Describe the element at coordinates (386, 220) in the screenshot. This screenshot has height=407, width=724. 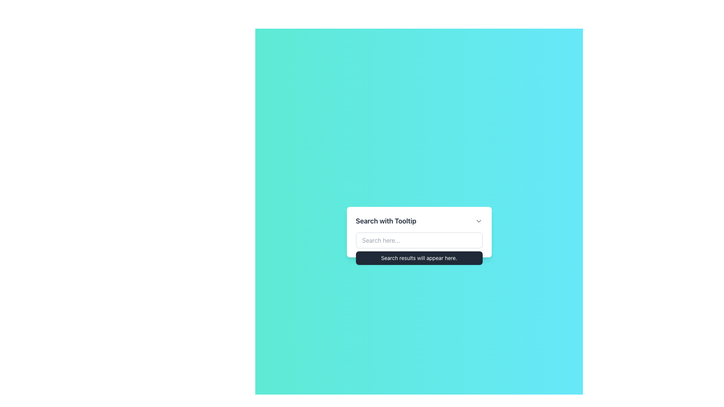
I see `the static text label that reads 'Search with Tooltip', which is styled in bold, large dark gray font and is located above the search box` at that location.